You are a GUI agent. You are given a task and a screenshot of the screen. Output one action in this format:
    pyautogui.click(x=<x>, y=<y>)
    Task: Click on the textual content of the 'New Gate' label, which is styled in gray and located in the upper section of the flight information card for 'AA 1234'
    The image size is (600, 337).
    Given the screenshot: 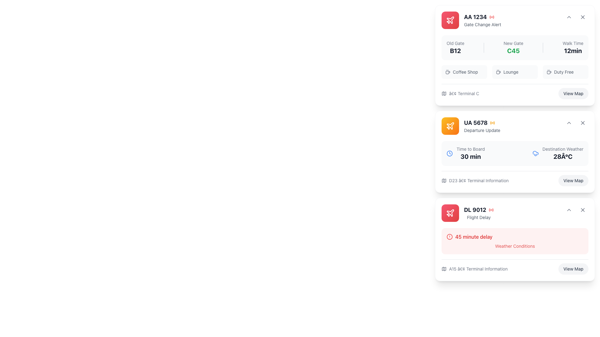 What is the action you would take?
    pyautogui.click(x=513, y=43)
    